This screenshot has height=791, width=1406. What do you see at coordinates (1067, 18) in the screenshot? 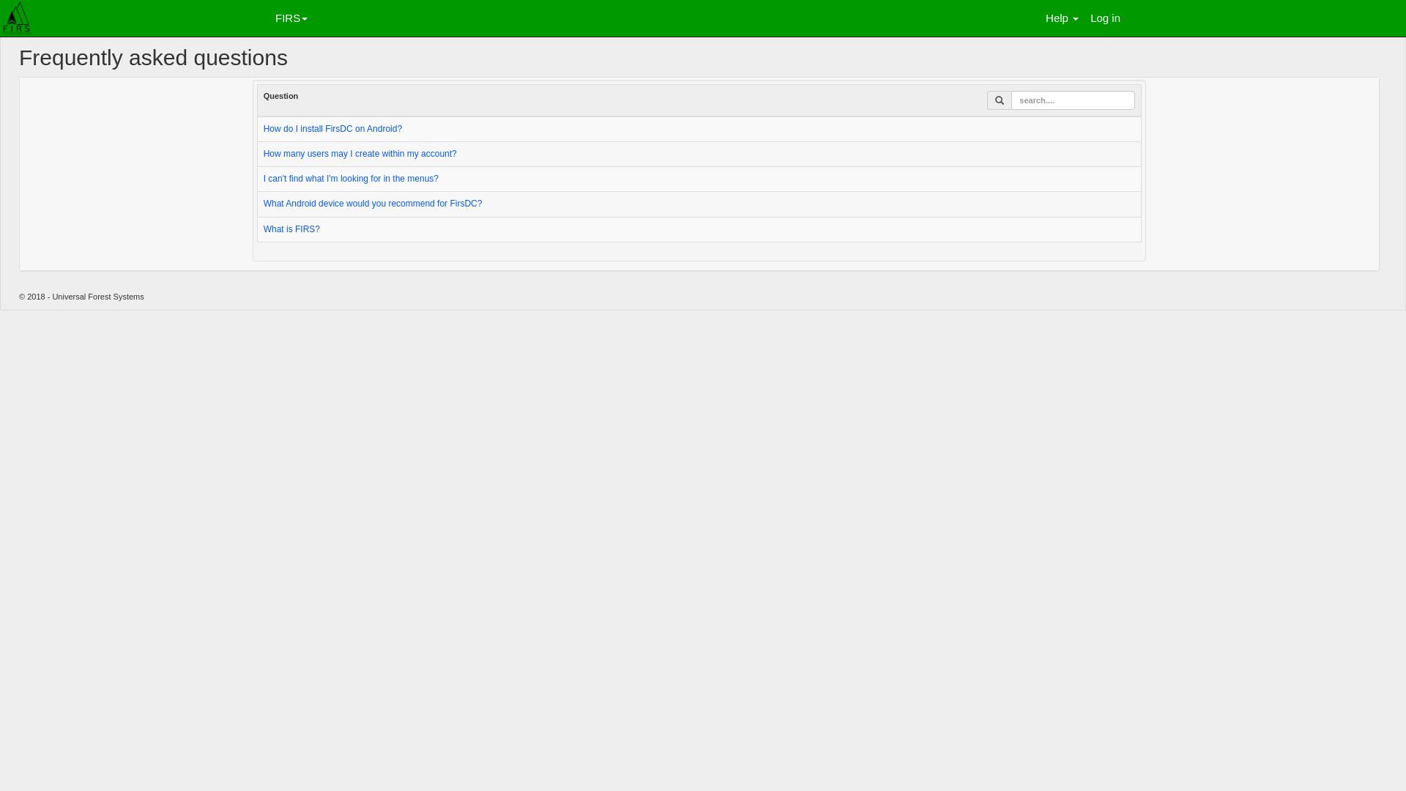
I see `'Help'` at bounding box center [1067, 18].